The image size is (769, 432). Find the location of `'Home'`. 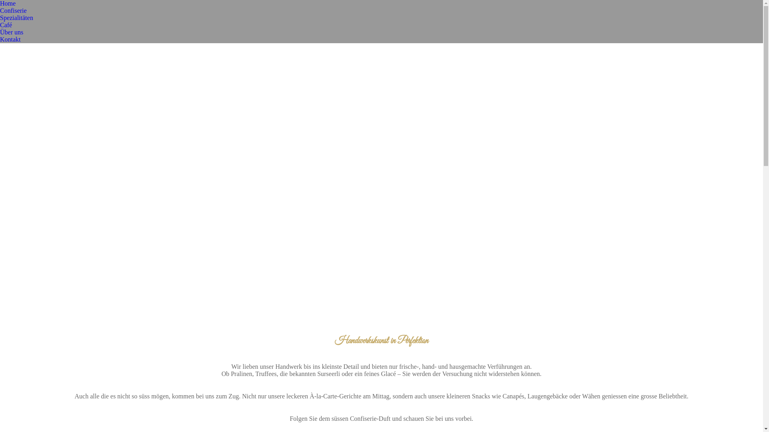

'Home' is located at coordinates (8, 3).